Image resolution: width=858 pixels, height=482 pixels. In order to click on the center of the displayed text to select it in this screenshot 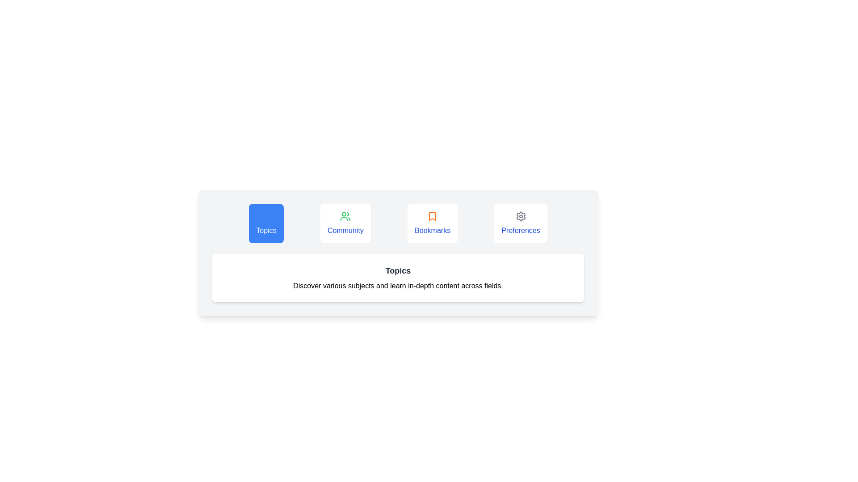, I will do `click(398, 286)`.